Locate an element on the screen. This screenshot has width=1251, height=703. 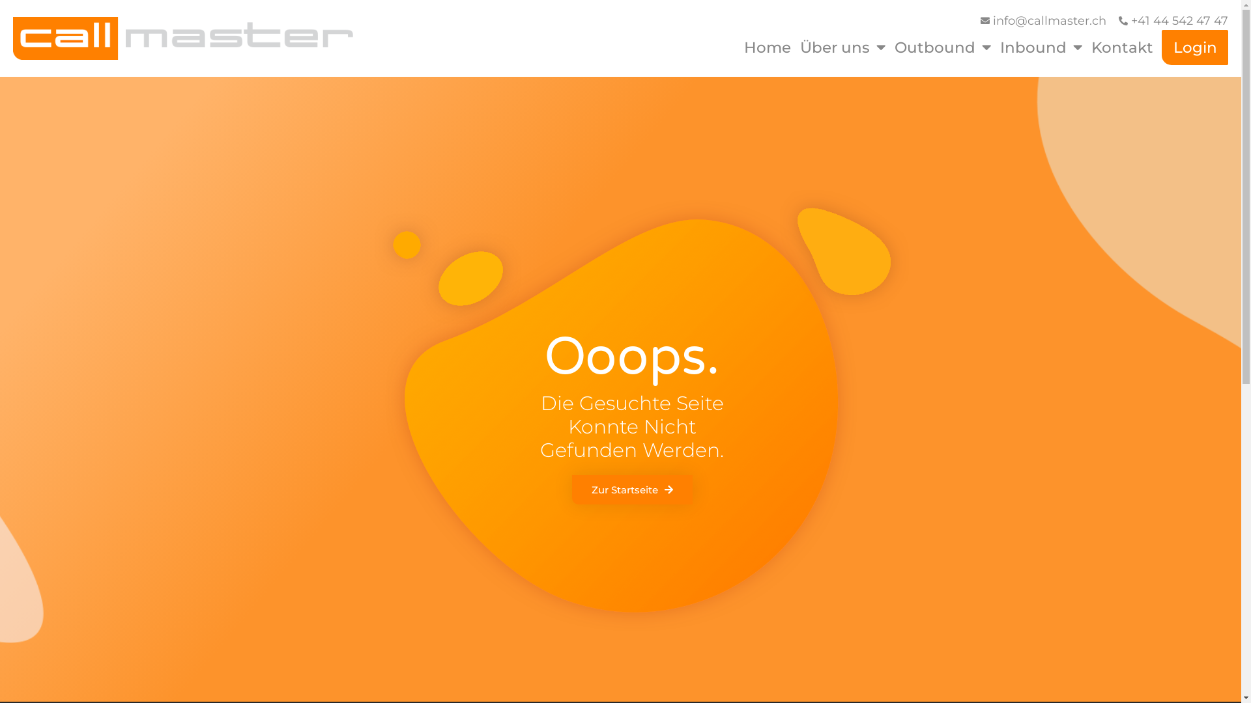
'Inbound' is located at coordinates (1041, 47).